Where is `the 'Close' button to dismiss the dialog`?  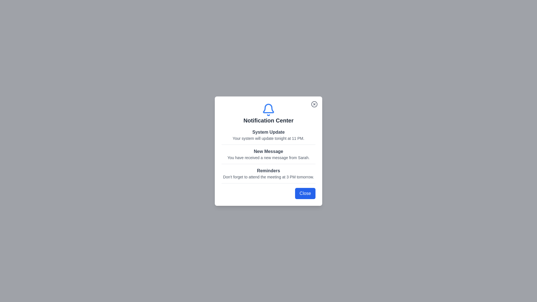 the 'Close' button to dismiss the dialog is located at coordinates (305, 193).